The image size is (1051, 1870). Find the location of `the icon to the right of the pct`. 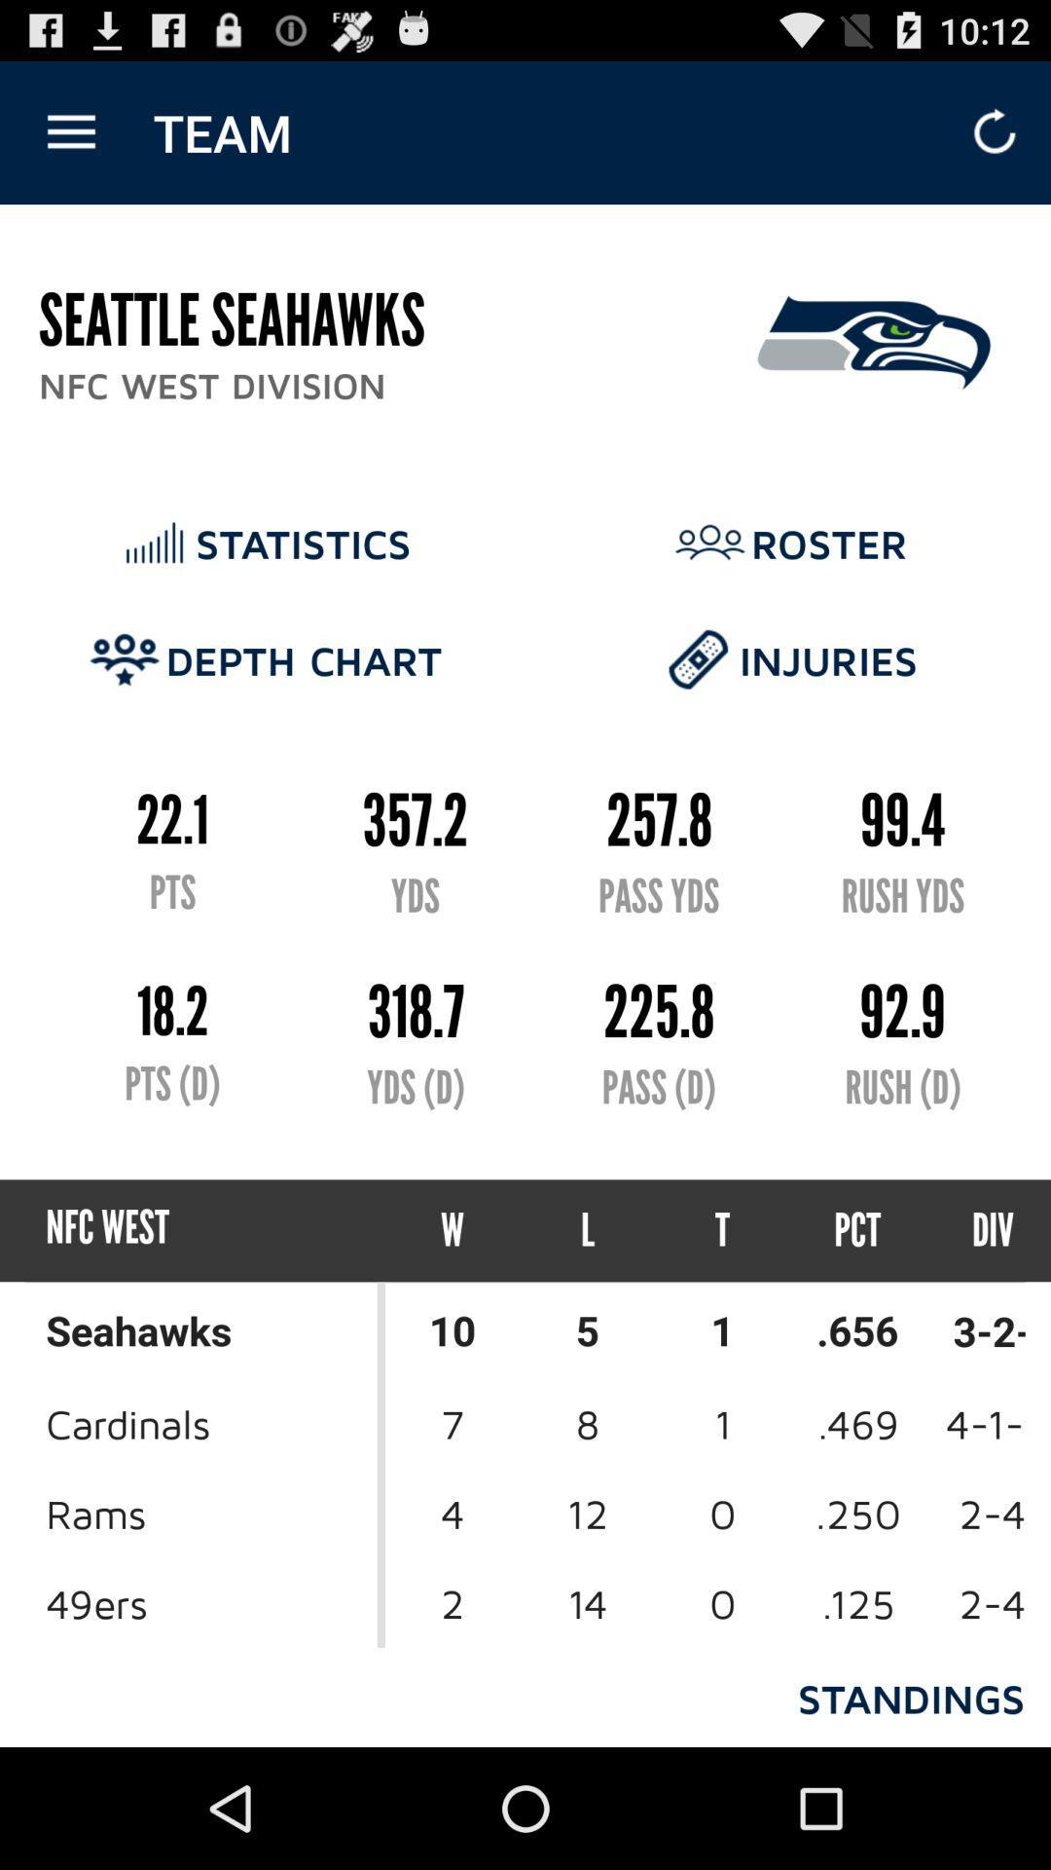

the icon to the right of the pct is located at coordinates (975, 1229).